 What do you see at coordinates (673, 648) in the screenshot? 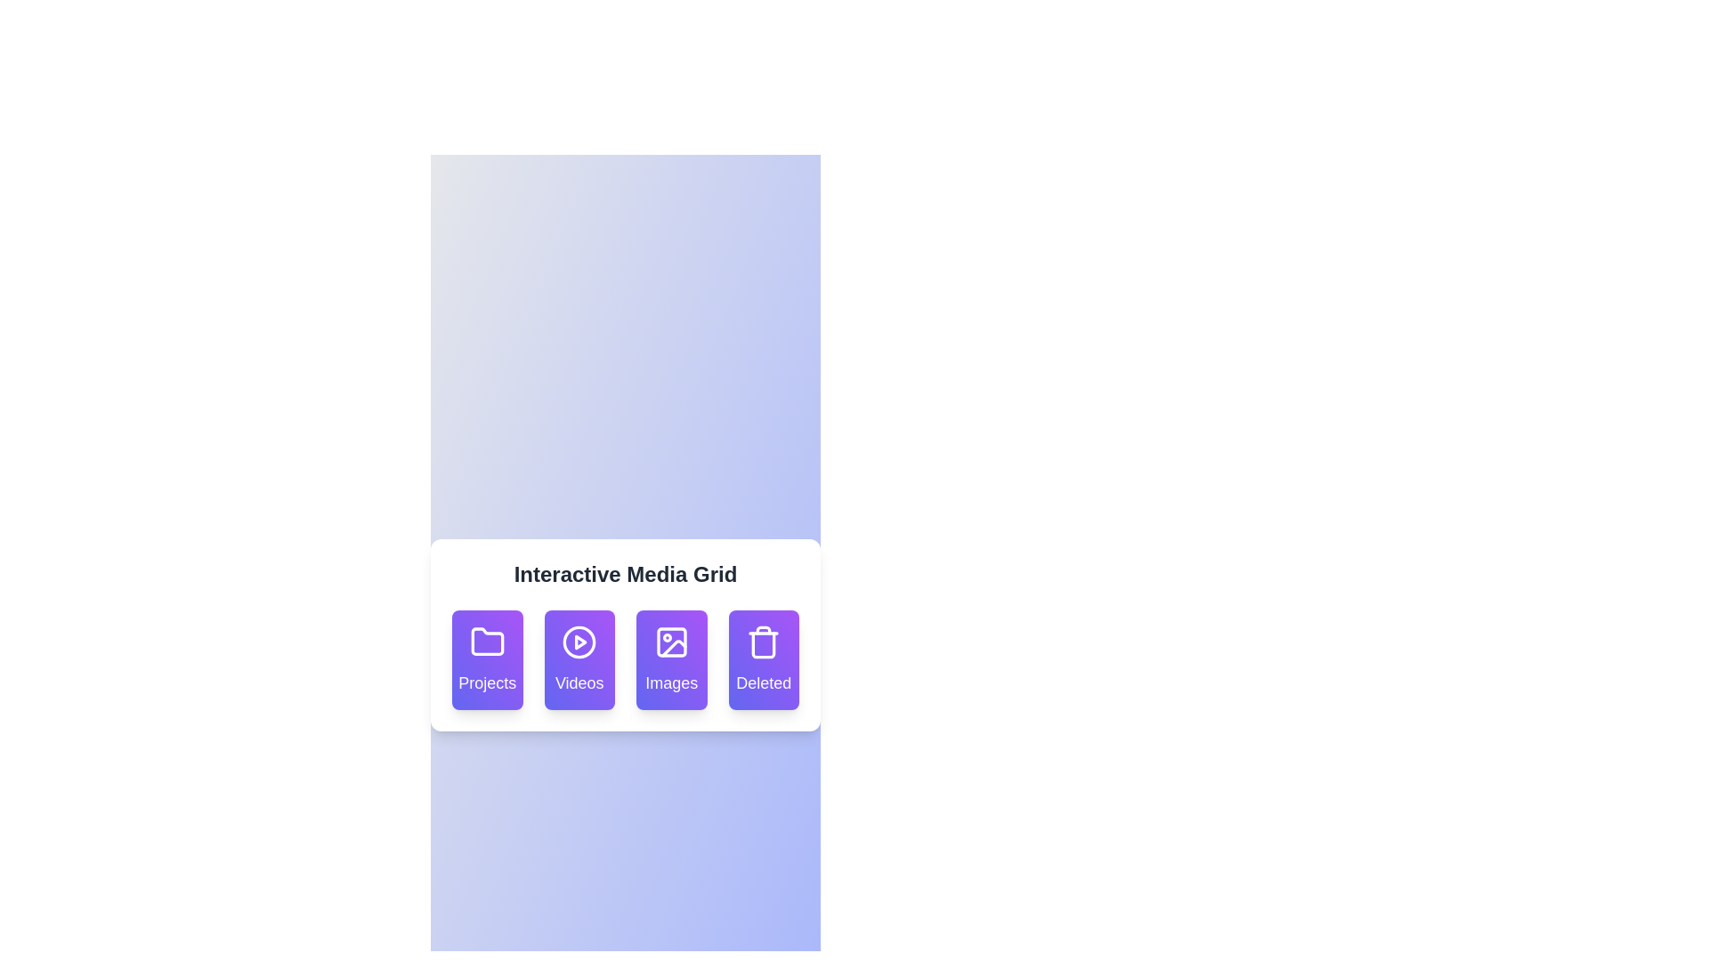
I see `the 'Images' icon, which is the third icon from the left in the 'Interactive Media Grid' at the bottom of the view, to trigger the hover effect for additional information` at bounding box center [673, 648].